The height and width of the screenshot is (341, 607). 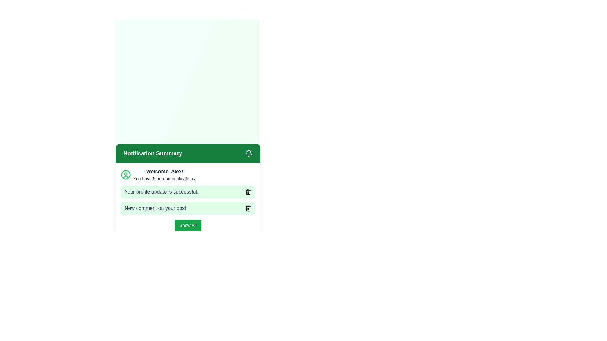 I want to click on the circular outline SVG element next to the text 'Welcome, Alex!' in the notification section, so click(x=126, y=175).